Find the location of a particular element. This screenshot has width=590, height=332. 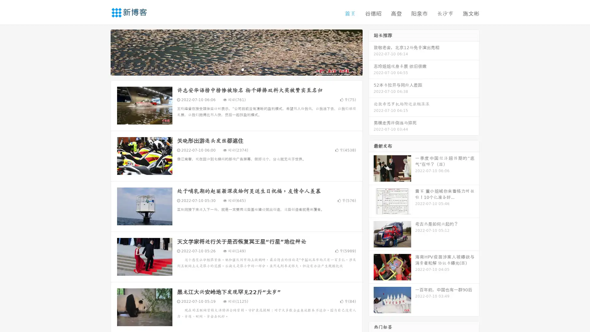

Next slide is located at coordinates (371, 52).